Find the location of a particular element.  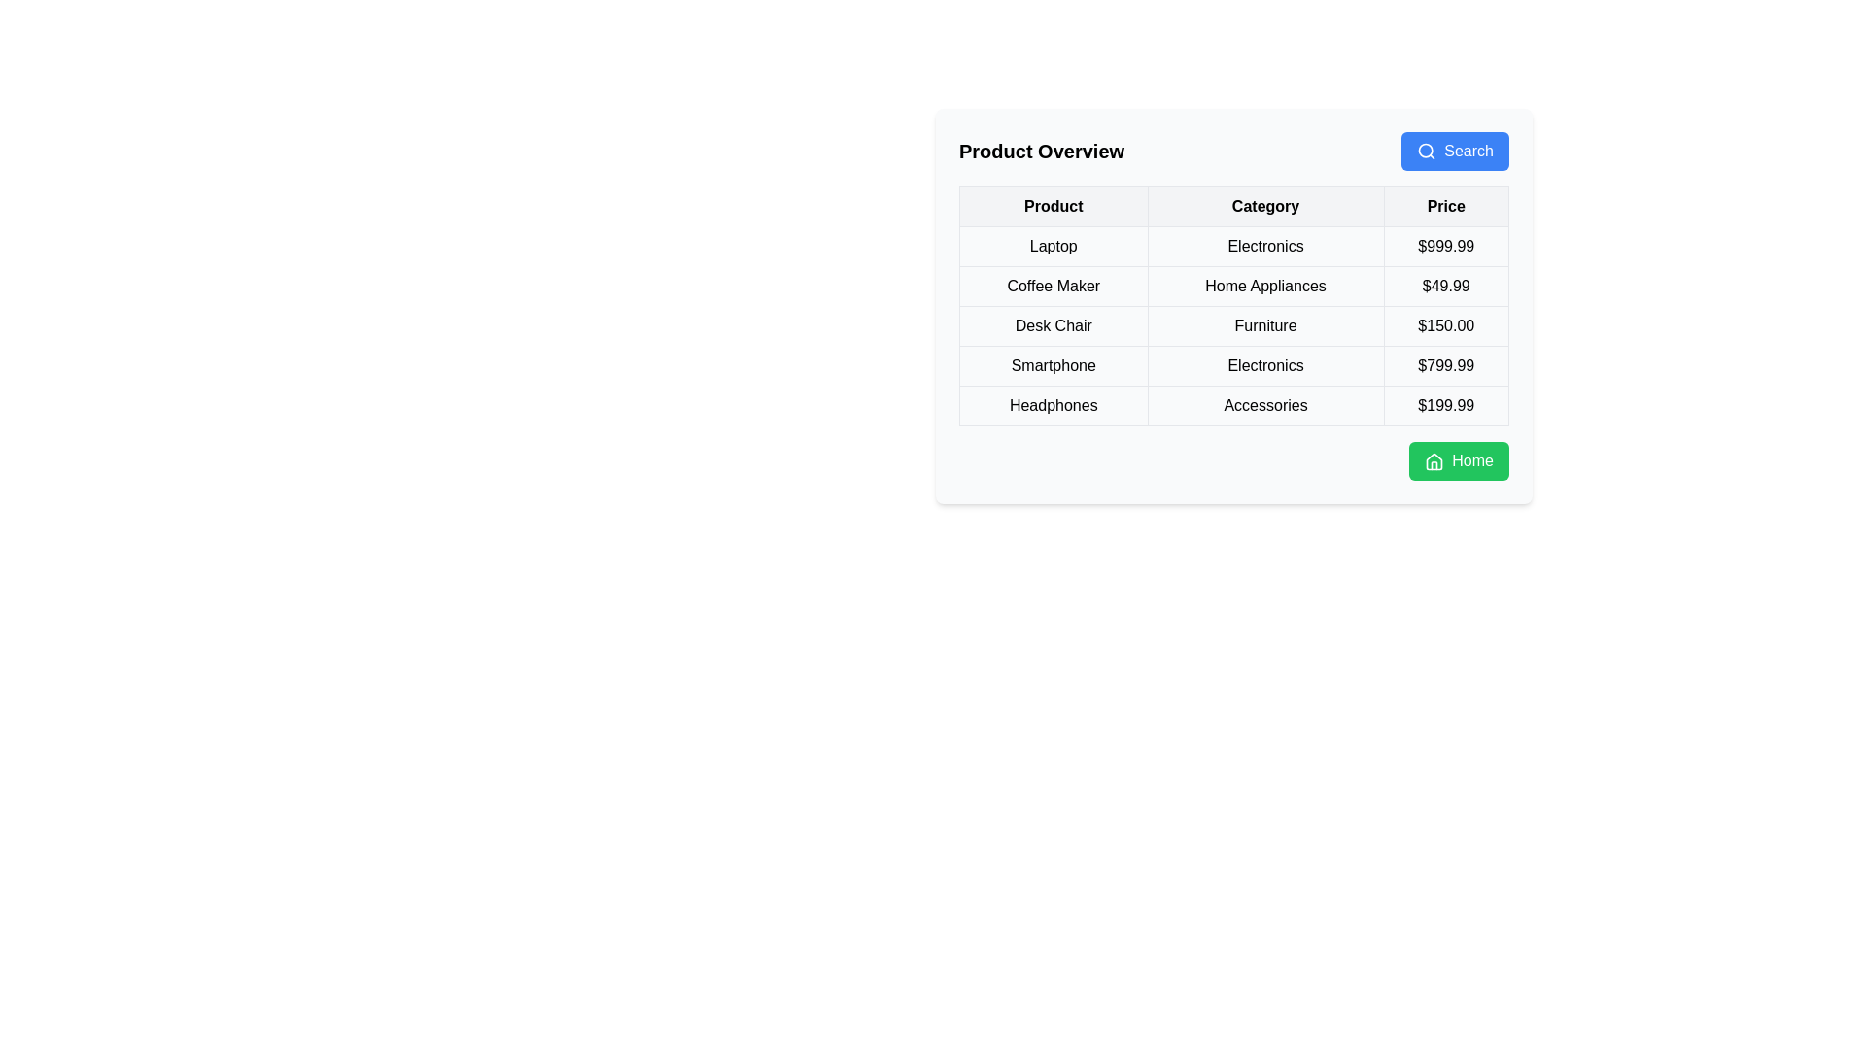

the Table Header Row under the 'Product Overview' label to sort the columns if sorting is implemented is located at coordinates (1233, 206).